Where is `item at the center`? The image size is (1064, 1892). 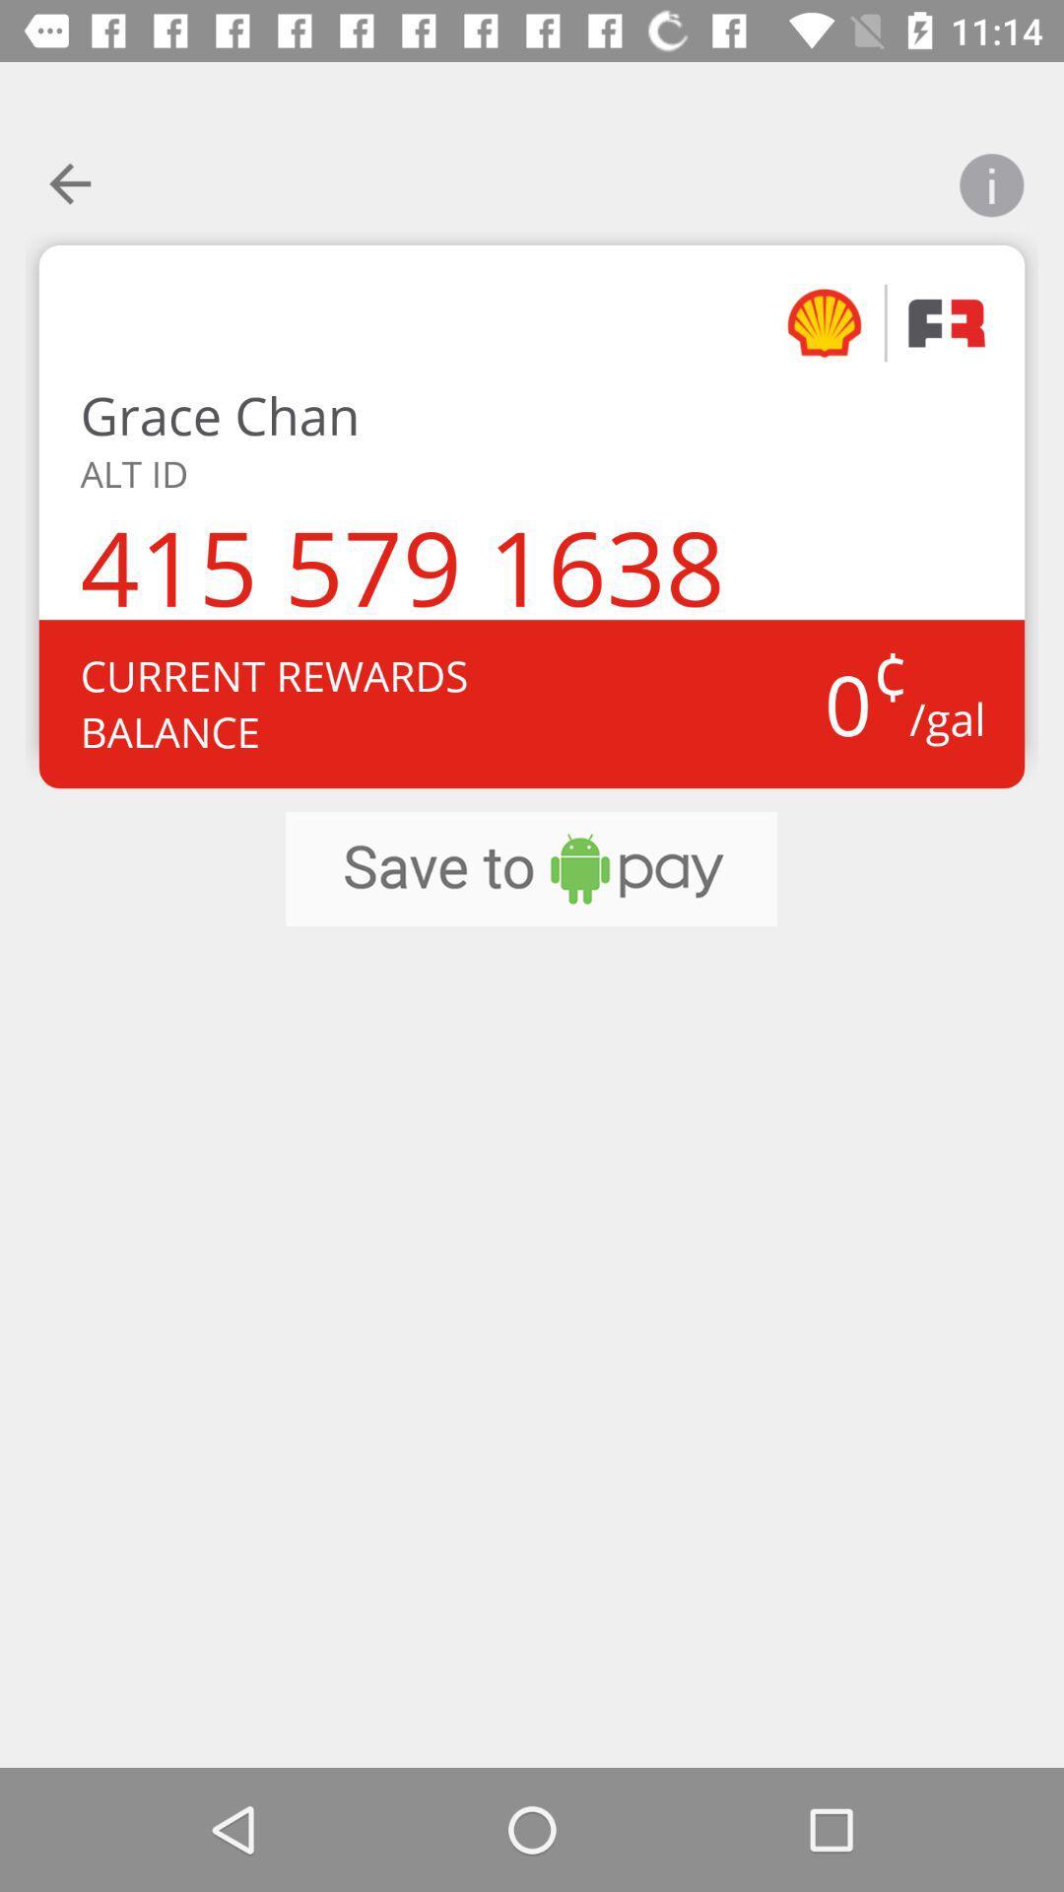 item at the center is located at coordinates (530, 868).